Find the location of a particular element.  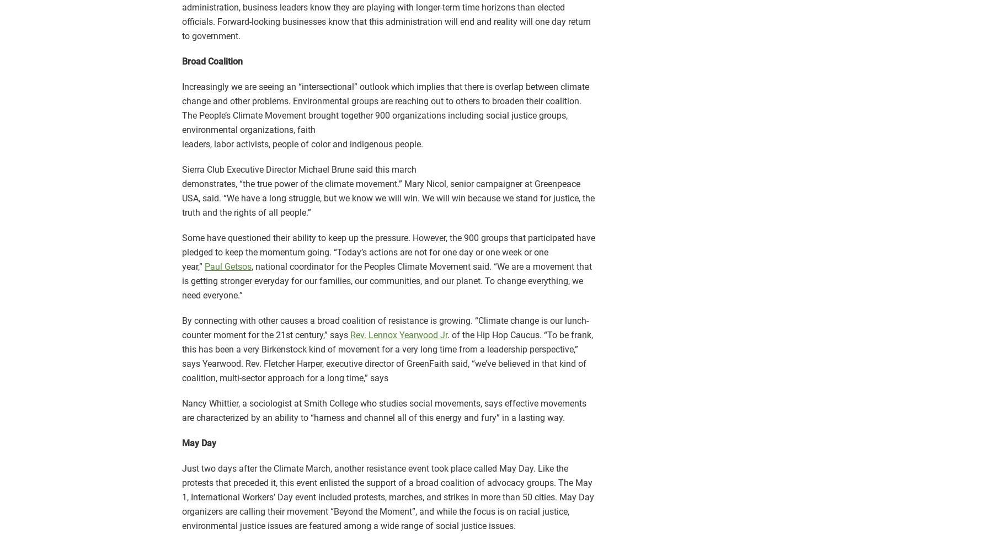

'. of the Hip Hop Caucus. “To be frank, this has been a very Birkenstock kind of movement for a very long time from a leadership perspective,” says Yearwood. Rev. Fletcher Harper, executive director of GreenFaith said, “we’ve believed in that kind of coalition, multi-sector approach for a long time,” says' is located at coordinates (387, 356).